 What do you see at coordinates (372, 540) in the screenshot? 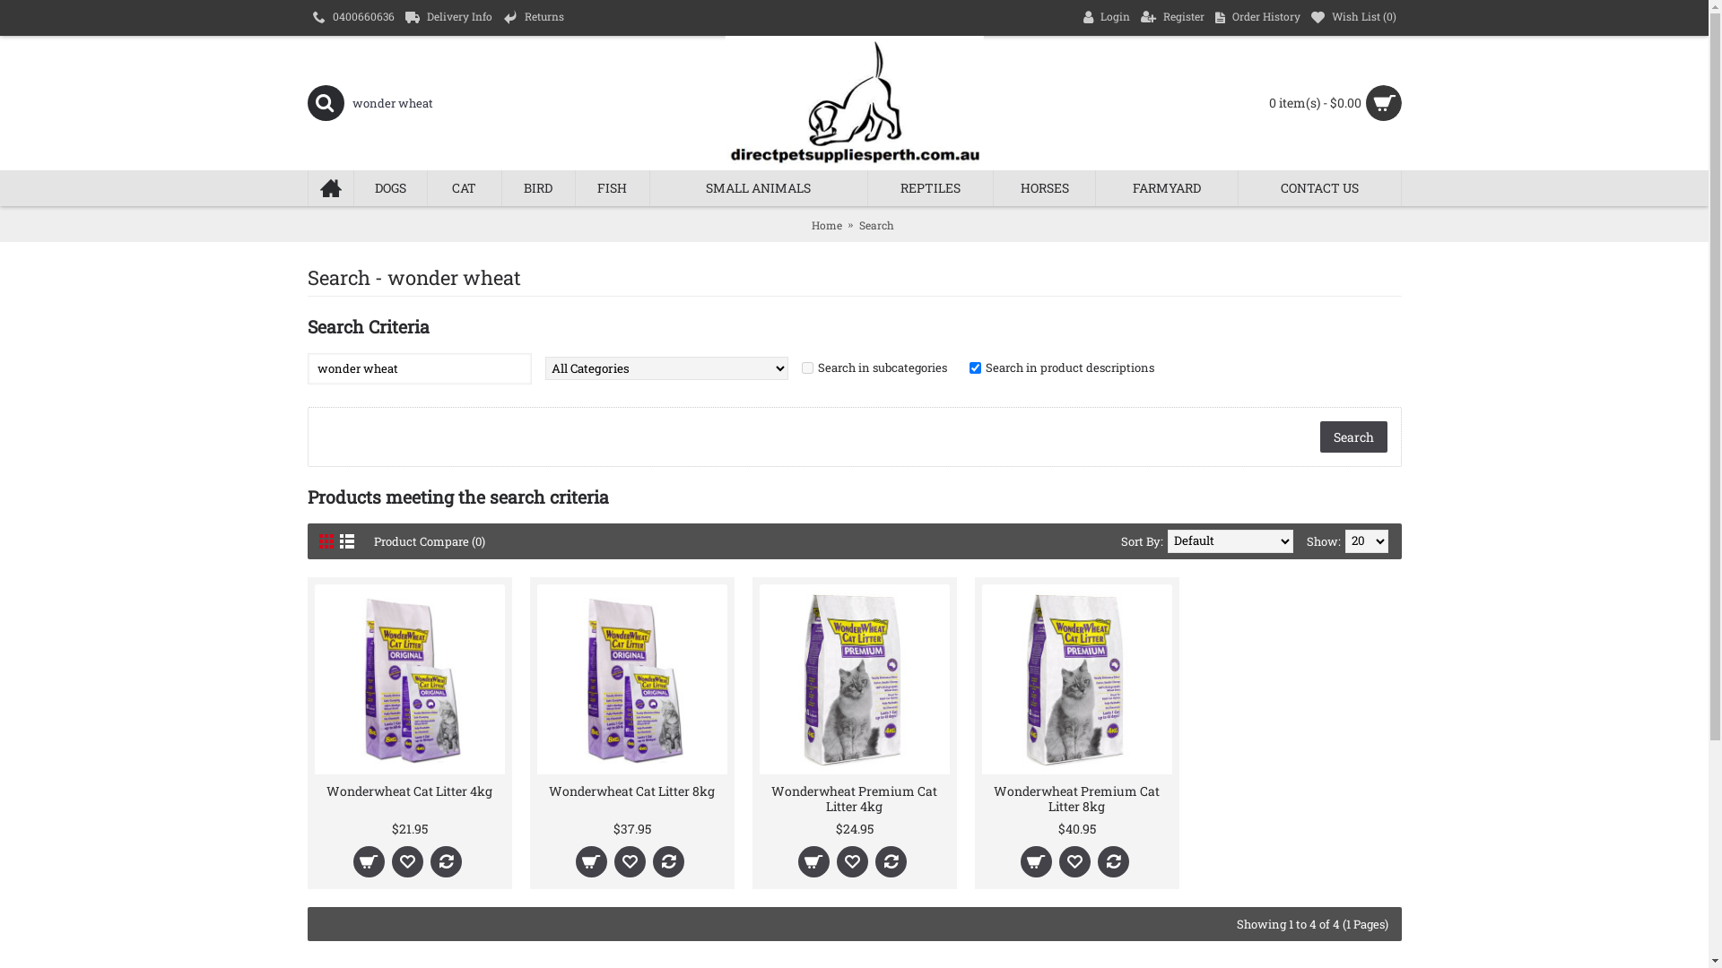
I see `'Product Compare (0)'` at bounding box center [372, 540].